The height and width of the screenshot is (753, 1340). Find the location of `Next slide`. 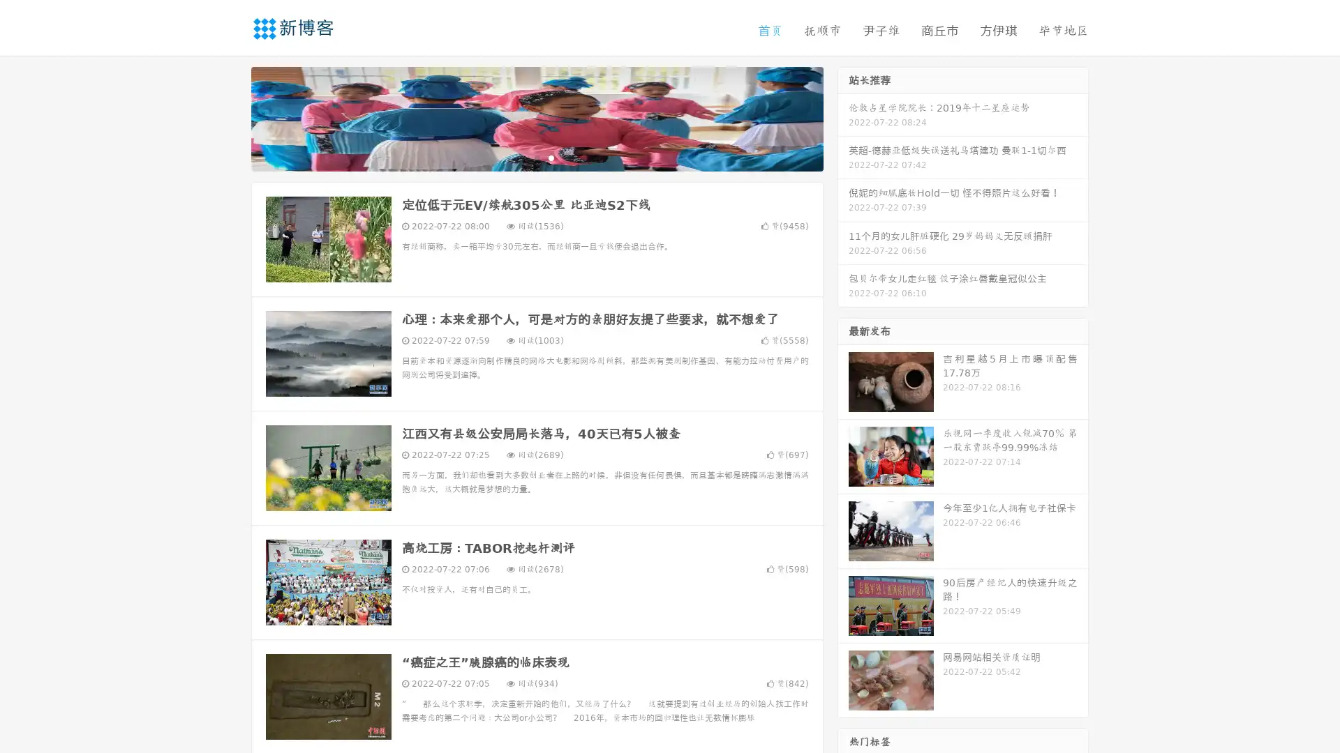

Next slide is located at coordinates (843, 117).